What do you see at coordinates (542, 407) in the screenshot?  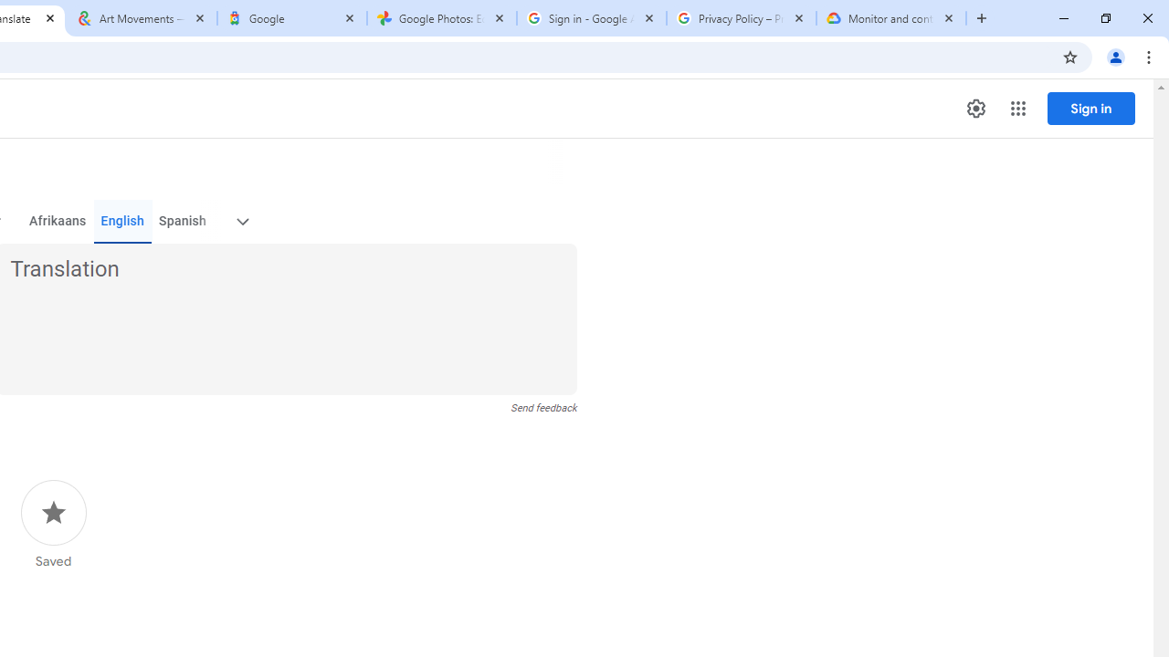 I see `'Send feedback'` at bounding box center [542, 407].